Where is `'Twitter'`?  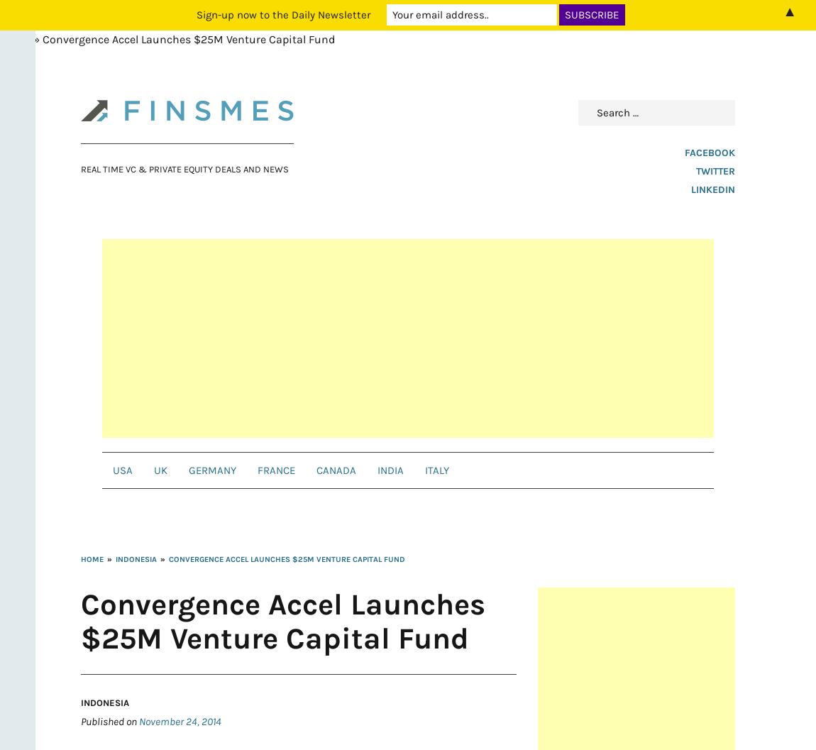 'Twitter' is located at coordinates (695, 170).